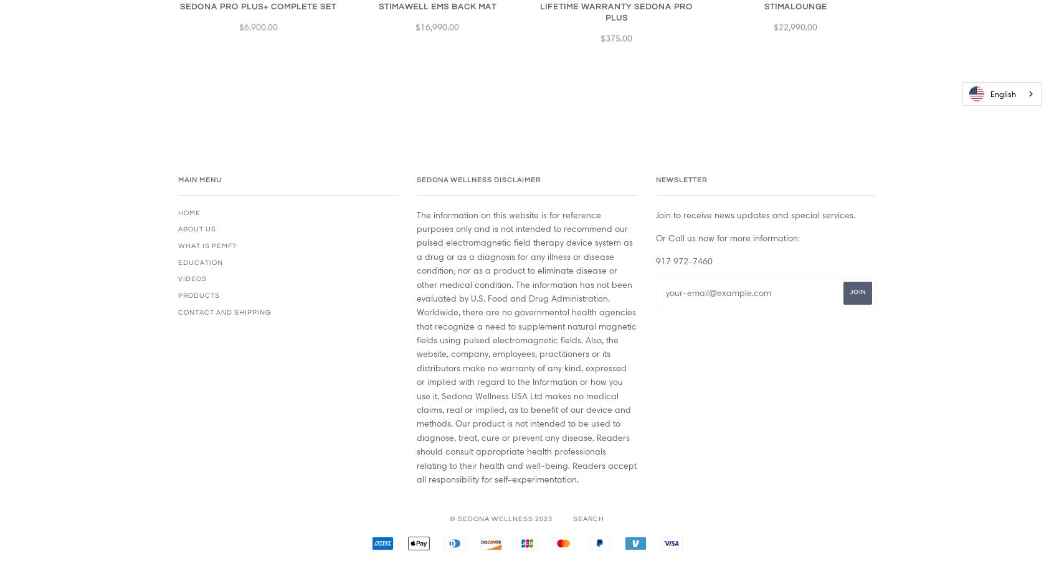 The width and height of the screenshot is (1054, 569). Describe the element at coordinates (754, 214) in the screenshot. I see `'Join to receive news updates and special services.'` at that location.